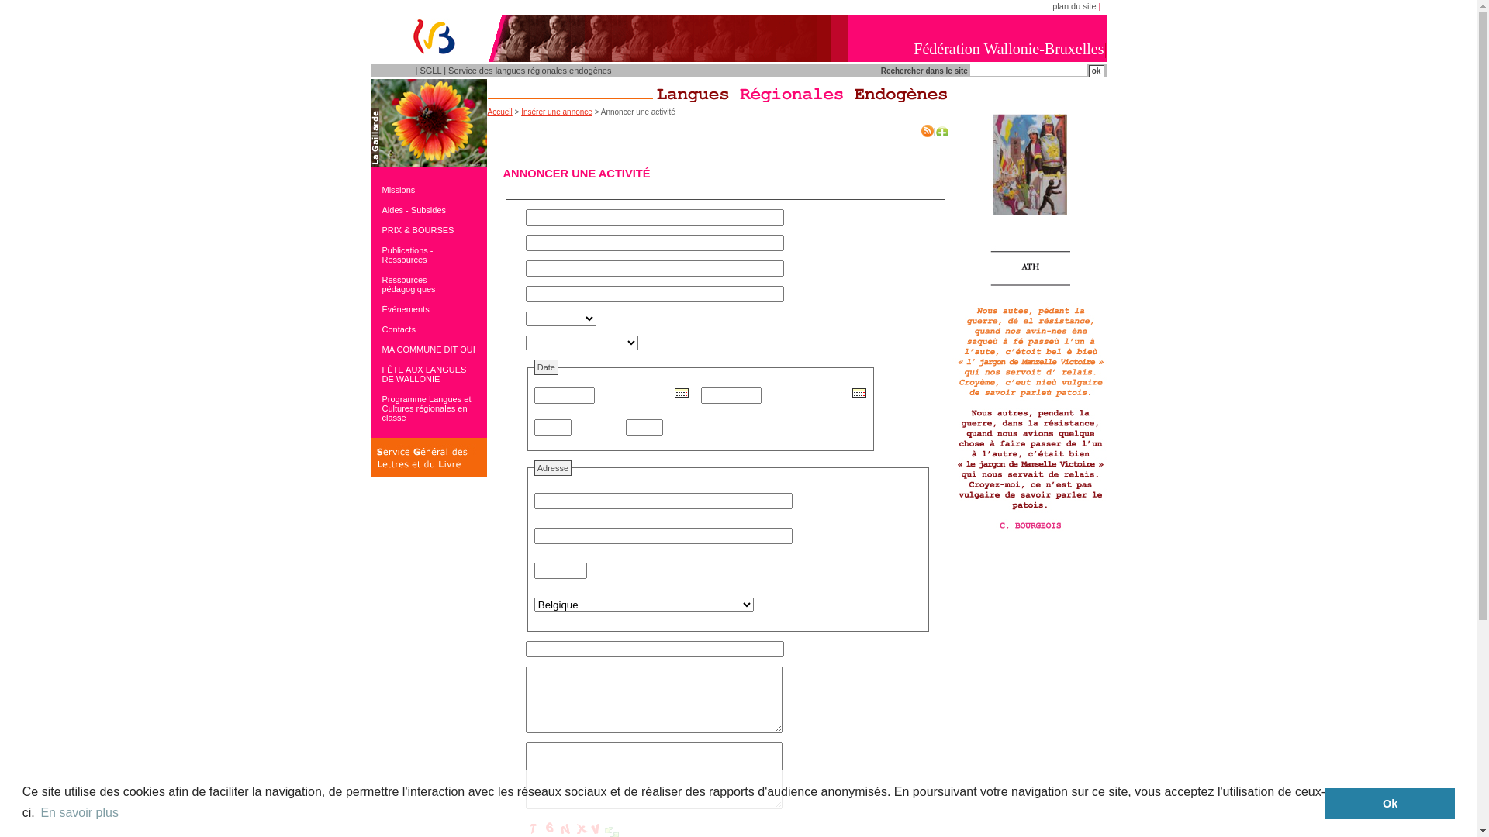 The width and height of the screenshot is (1489, 837). Describe the element at coordinates (370, 209) in the screenshot. I see `'Aides - Subsides'` at that location.